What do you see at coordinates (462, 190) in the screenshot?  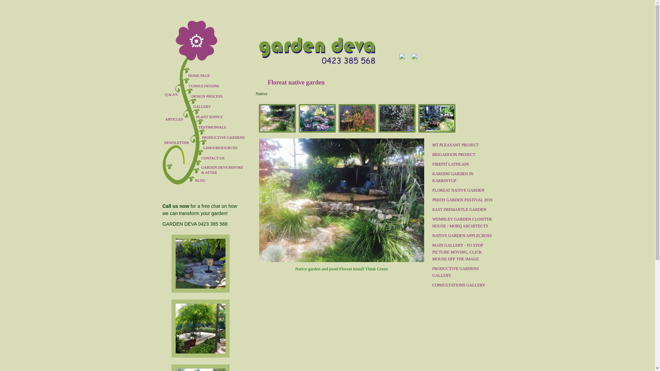 I see `'FLOREAT NATIVE GARDEN'` at bounding box center [462, 190].